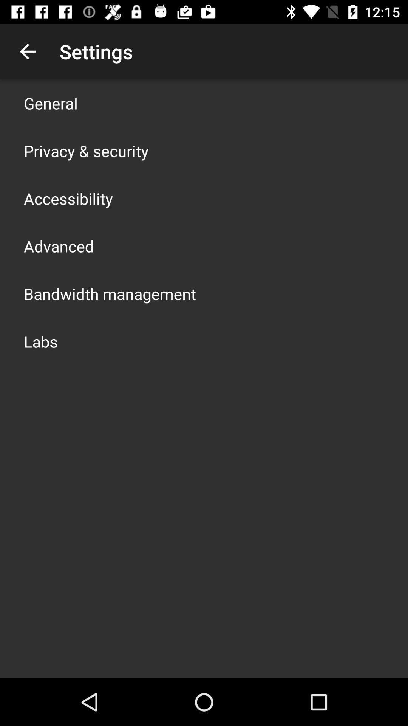 The image size is (408, 726). I want to click on the app to the left of settings icon, so click(27, 51).